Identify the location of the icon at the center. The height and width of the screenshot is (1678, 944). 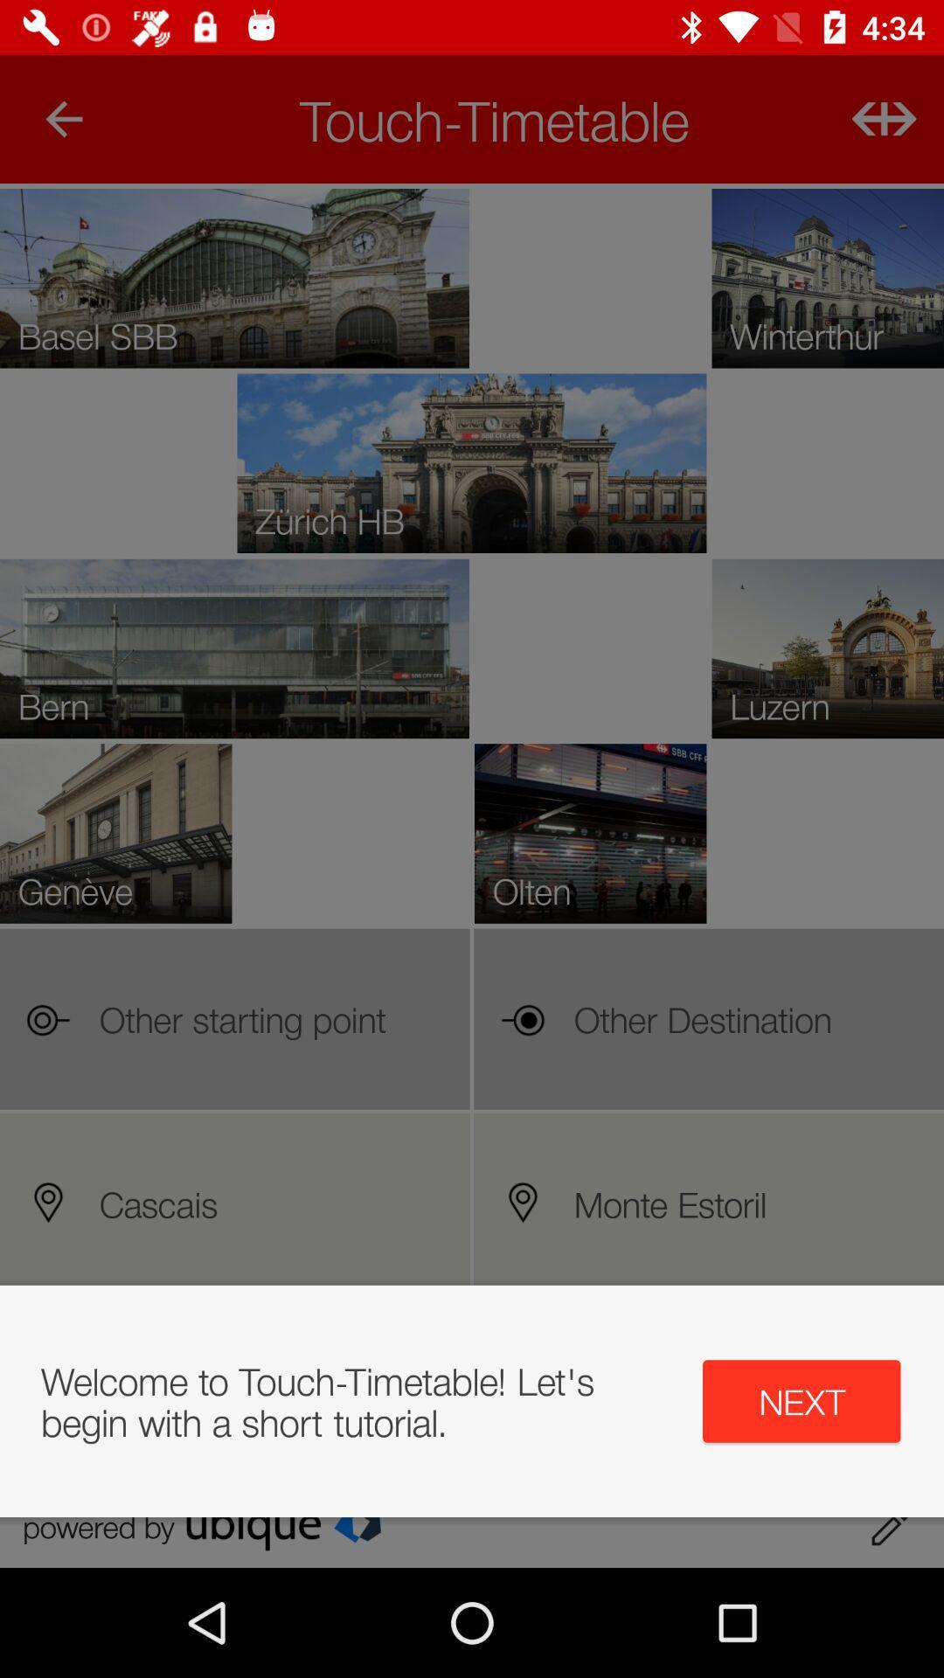
(472, 876).